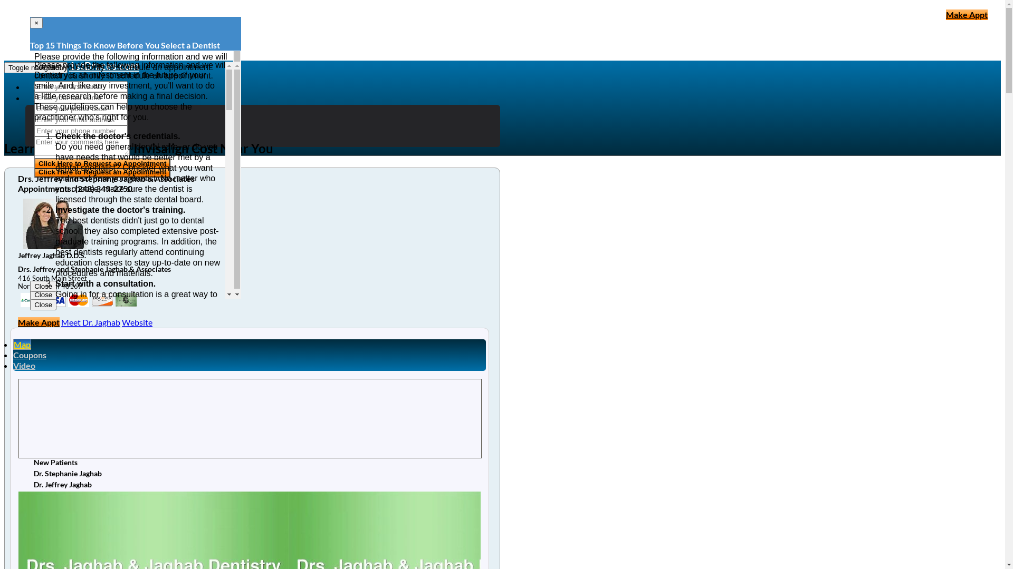 The width and height of the screenshot is (1013, 569). What do you see at coordinates (42, 295) in the screenshot?
I see `'Close'` at bounding box center [42, 295].